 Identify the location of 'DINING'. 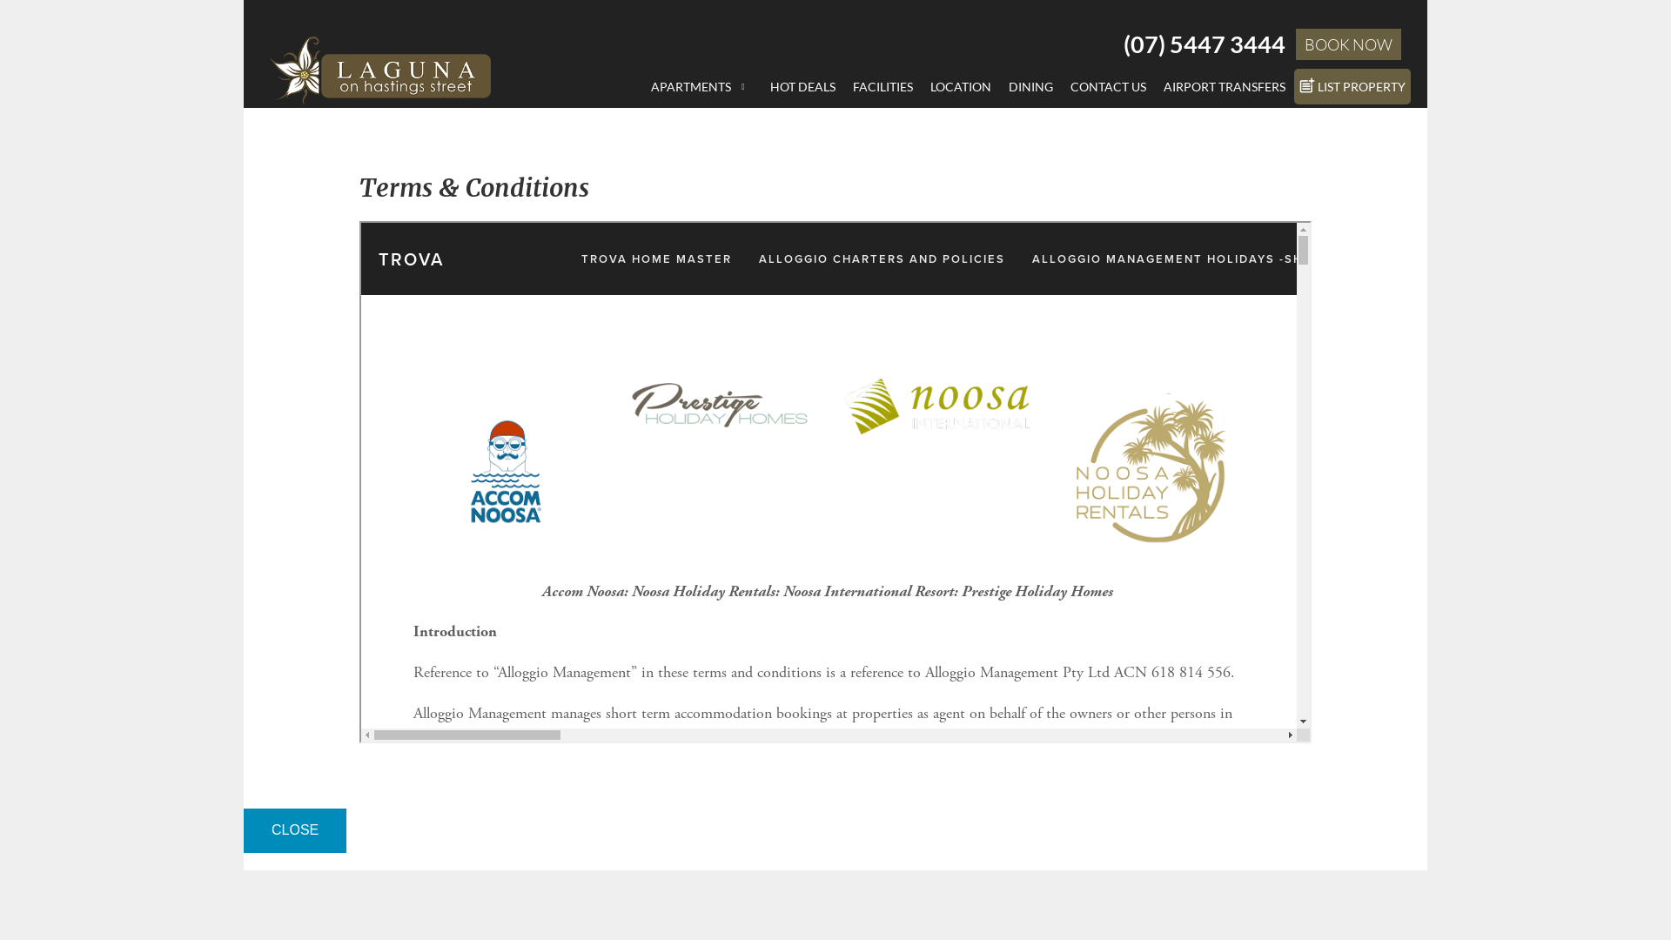
(1030, 86).